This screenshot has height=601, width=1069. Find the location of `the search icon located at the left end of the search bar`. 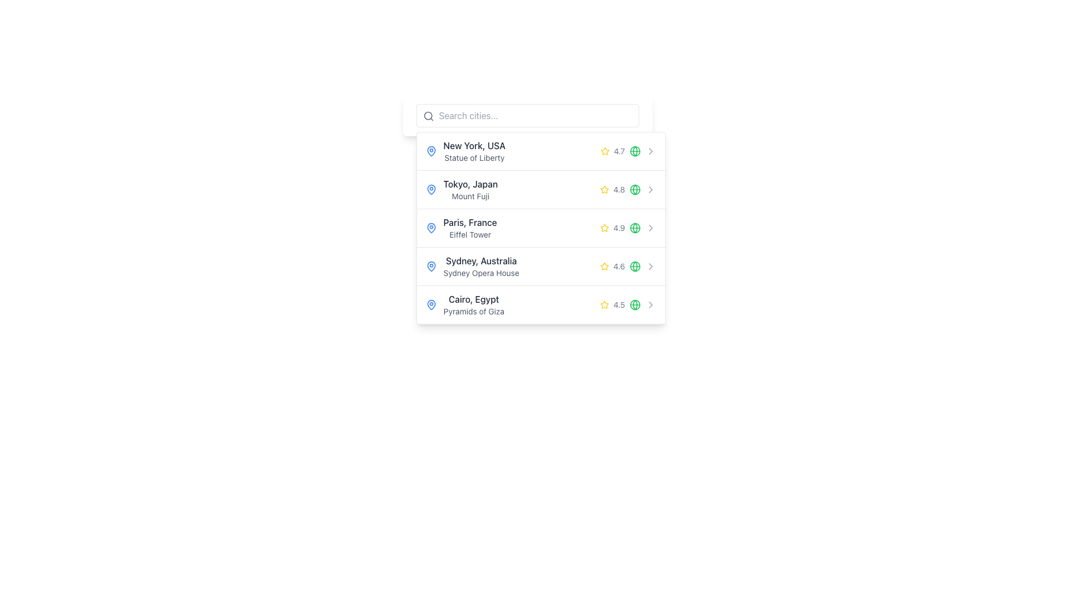

the search icon located at the left end of the search bar is located at coordinates (428, 116).